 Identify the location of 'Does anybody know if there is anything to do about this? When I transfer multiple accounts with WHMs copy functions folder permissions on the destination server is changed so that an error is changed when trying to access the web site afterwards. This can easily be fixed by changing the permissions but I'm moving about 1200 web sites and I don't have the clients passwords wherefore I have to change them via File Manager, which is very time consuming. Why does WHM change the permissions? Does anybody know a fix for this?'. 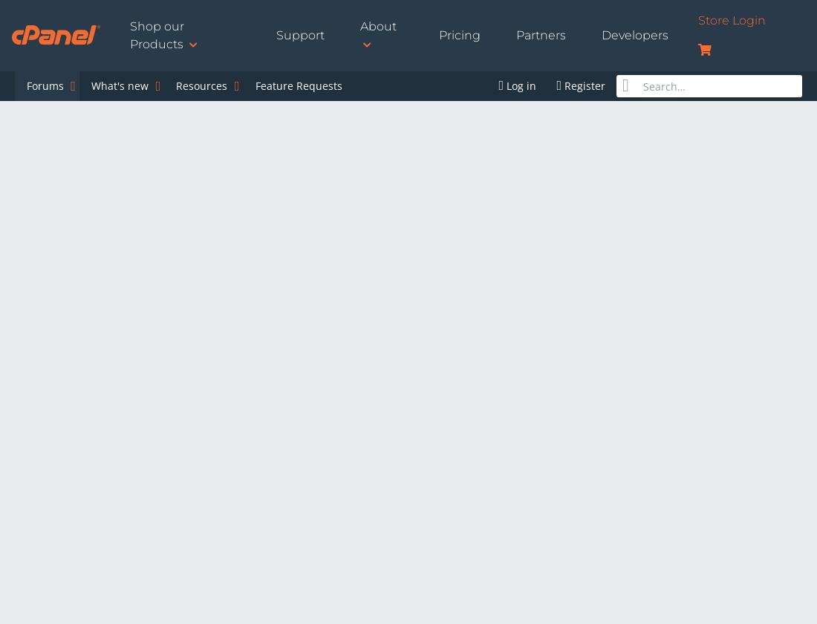
(405, 368).